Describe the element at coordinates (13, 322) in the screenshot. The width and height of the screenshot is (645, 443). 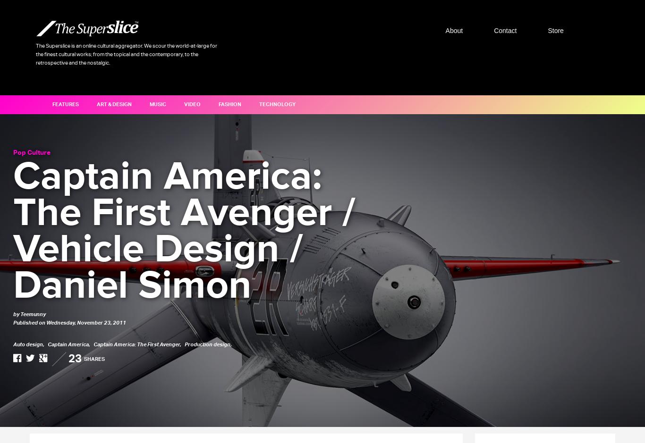
I see `'Published on Wednesday, November 23, 2011'` at that location.